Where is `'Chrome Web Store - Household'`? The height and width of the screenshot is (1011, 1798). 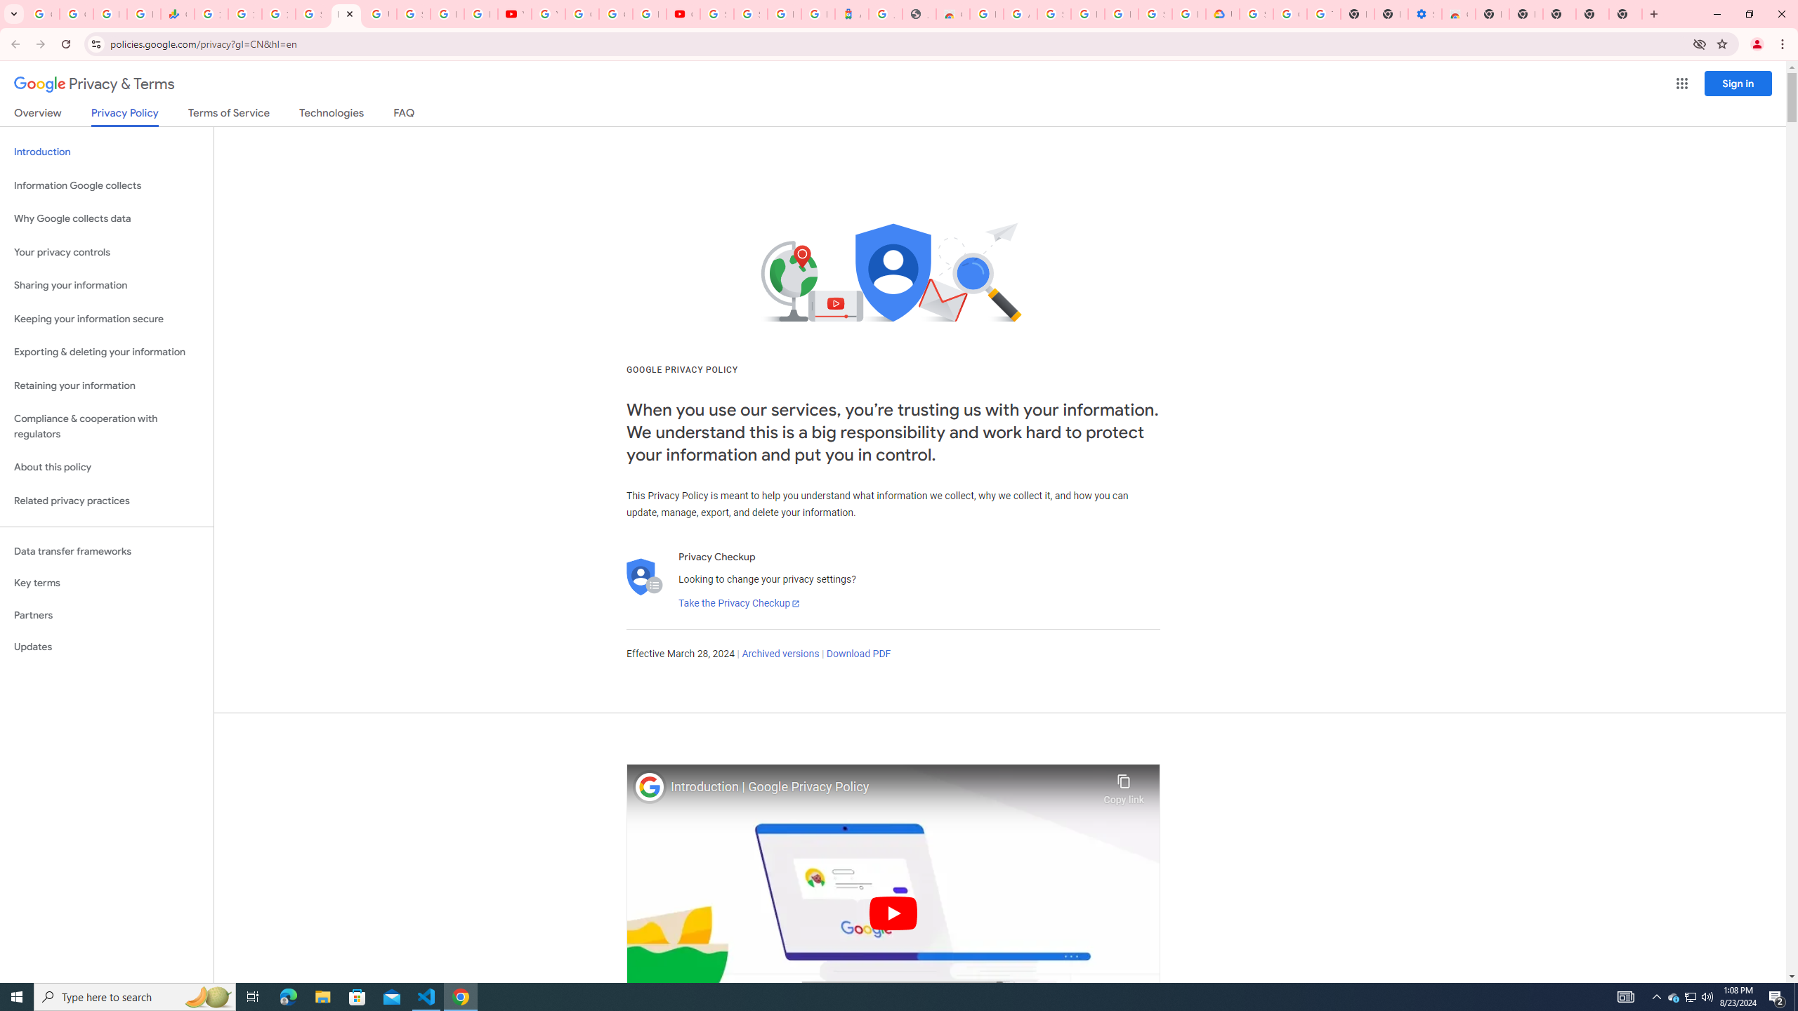 'Chrome Web Store - Household' is located at coordinates (952, 13).